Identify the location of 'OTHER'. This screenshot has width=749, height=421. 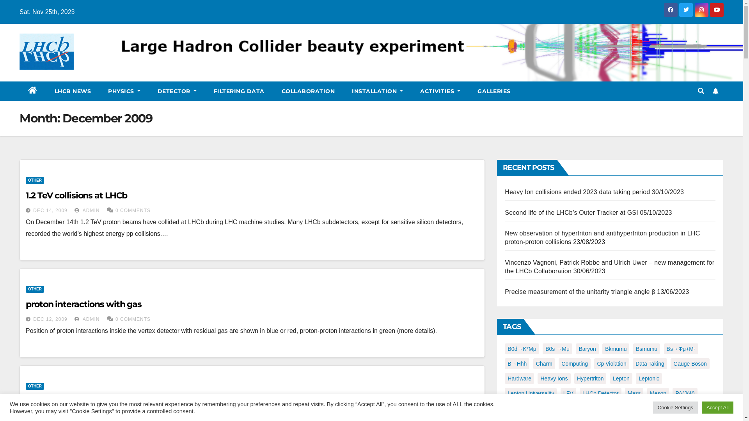
(34, 180).